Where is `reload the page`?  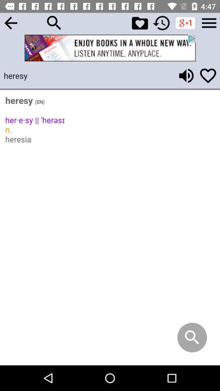 reload the page is located at coordinates (161, 22).